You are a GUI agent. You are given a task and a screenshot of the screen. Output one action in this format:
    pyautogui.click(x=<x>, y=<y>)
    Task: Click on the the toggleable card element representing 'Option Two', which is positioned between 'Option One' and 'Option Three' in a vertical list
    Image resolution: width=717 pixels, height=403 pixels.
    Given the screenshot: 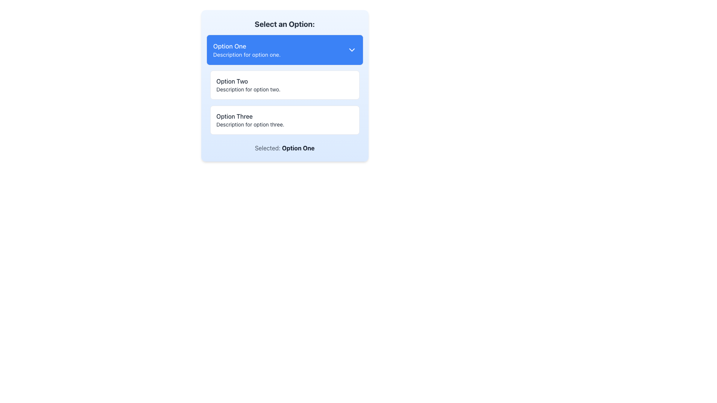 What is the action you would take?
    pyautogui.click(x=284, y=85)
    